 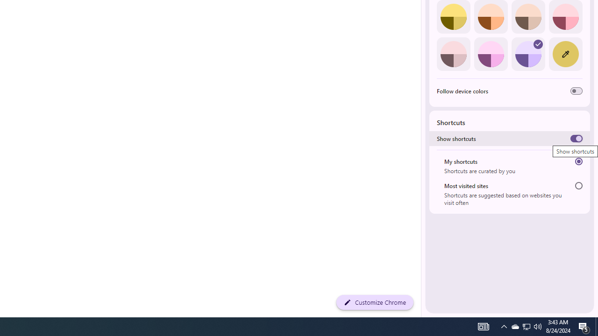 What do you see at coordinates (490, 17) in the screenshot?
I see `'Orange'` at bounding box center [490, 17].